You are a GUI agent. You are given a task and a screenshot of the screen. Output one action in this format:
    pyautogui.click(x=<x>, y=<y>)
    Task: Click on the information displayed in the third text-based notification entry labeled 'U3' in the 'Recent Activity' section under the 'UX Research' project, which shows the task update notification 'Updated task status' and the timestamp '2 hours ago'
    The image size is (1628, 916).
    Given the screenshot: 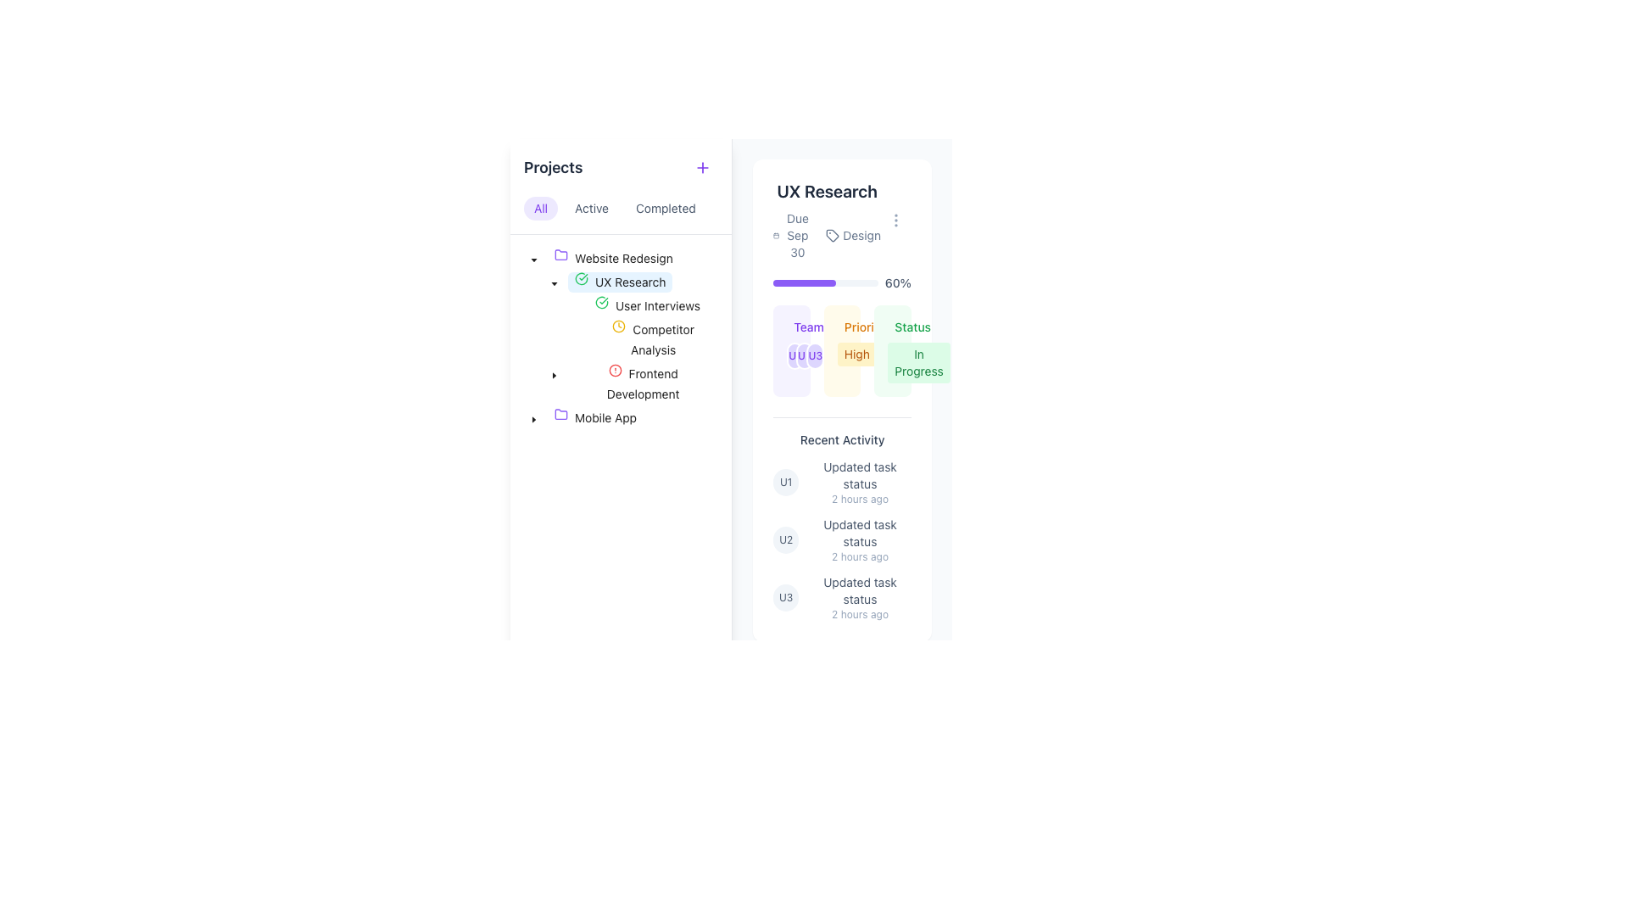 What is the action you would take?
    pyautogui.click(x=860, y=597)
    